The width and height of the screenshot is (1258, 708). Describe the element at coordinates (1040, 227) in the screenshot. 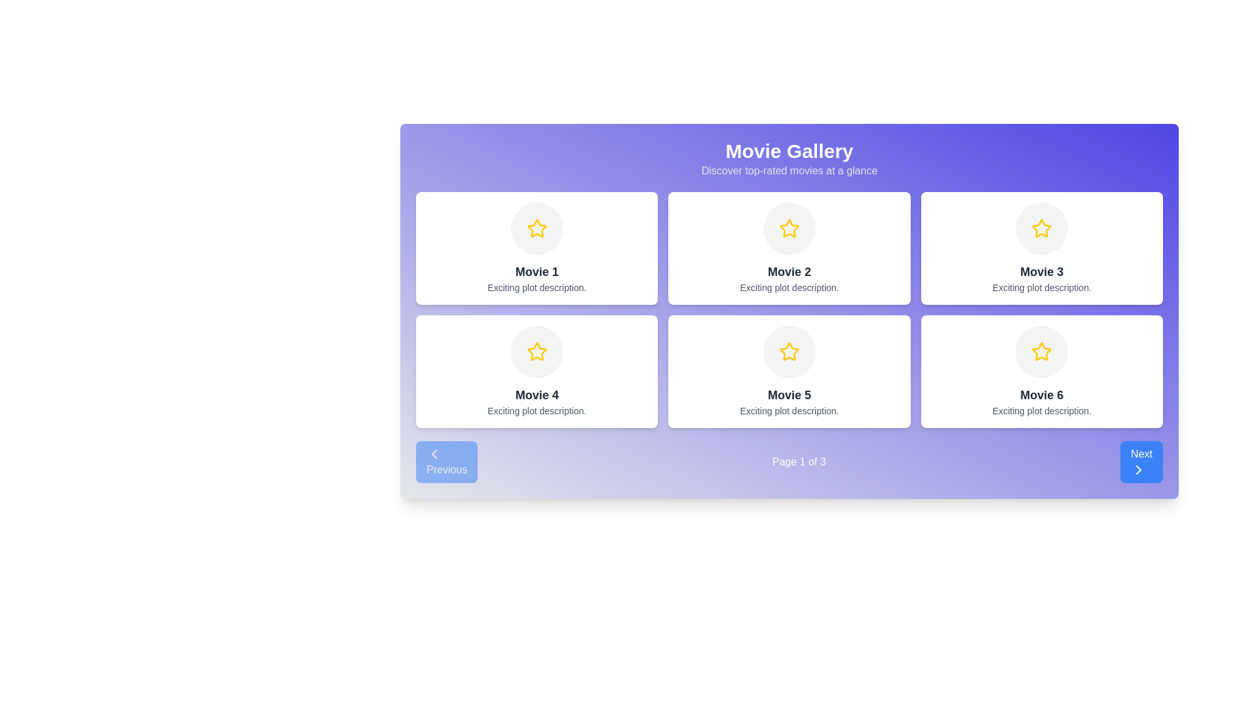

I see `the star icon with a yellow outline and white fill located above the 'Movie 3' label in the Movie Gallery interface` at that location.